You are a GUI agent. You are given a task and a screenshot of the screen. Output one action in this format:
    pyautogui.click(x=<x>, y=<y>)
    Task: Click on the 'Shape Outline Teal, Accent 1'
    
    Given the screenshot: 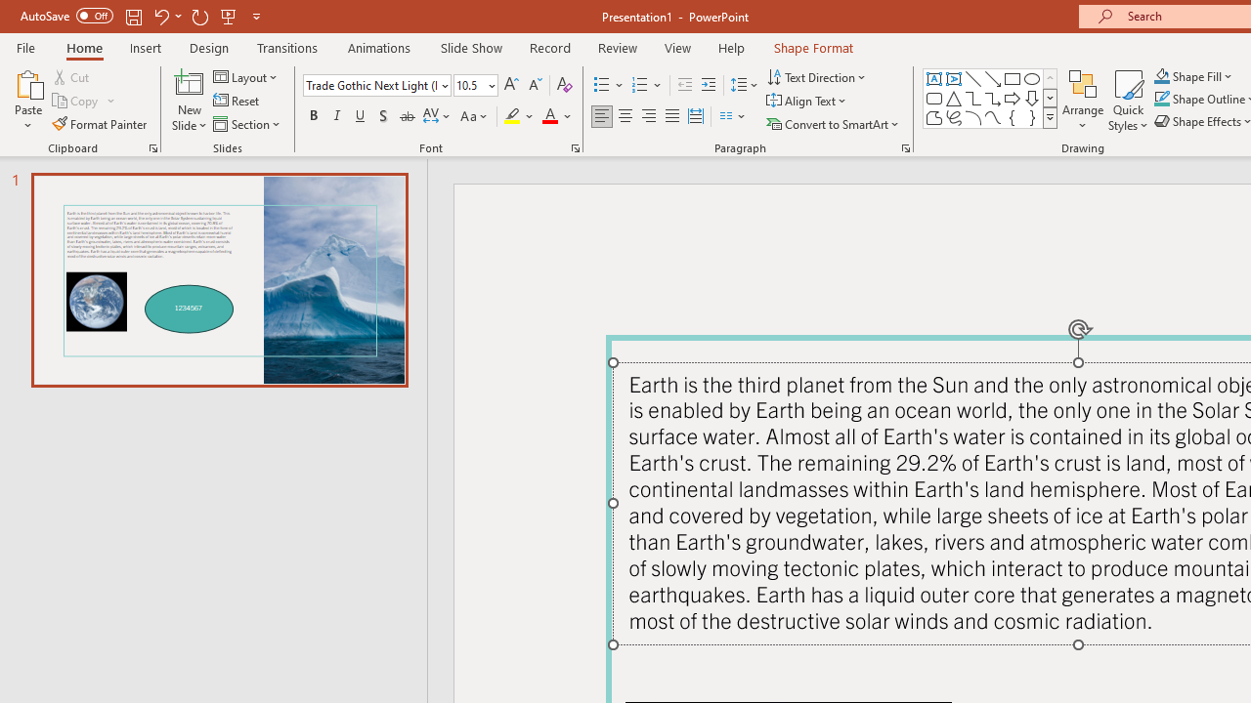 What is the action you would take?
    pyautogui.click(x=1162, y=99)
    